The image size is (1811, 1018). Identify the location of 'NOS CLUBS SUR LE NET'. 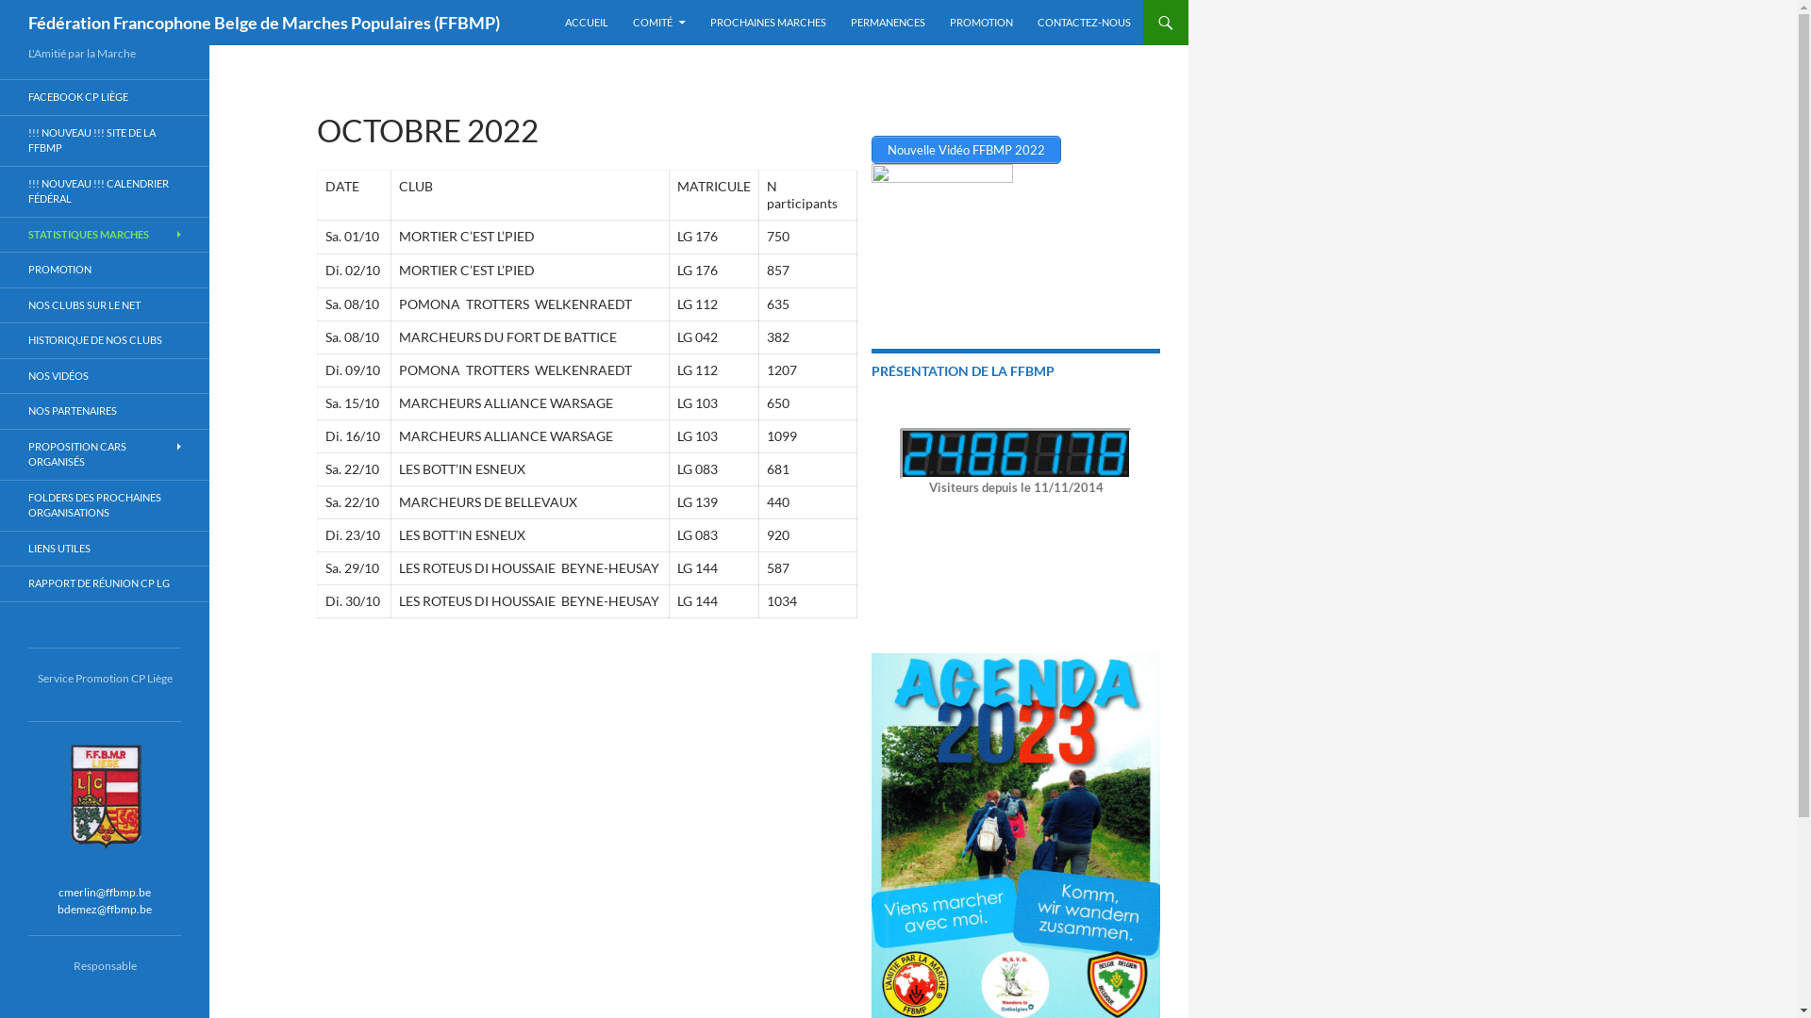
(103, 304).